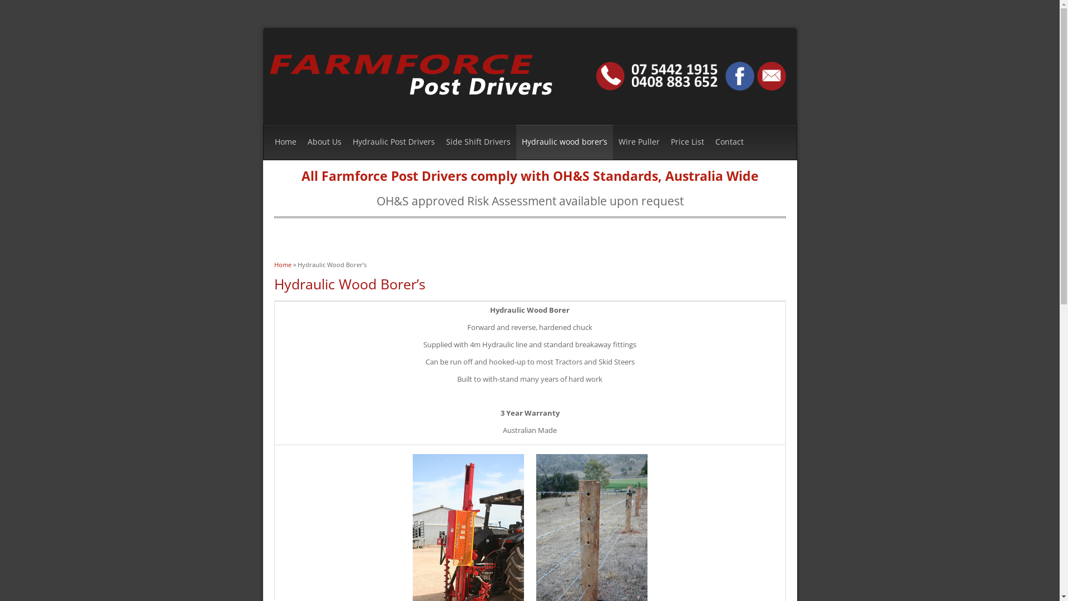 Image resolution: width=1068 pixels, height=601 pixels. What do you see at coordinates (687, 141) in the screenshot?
I see `'Price List'` at bounding box center [687, 141].